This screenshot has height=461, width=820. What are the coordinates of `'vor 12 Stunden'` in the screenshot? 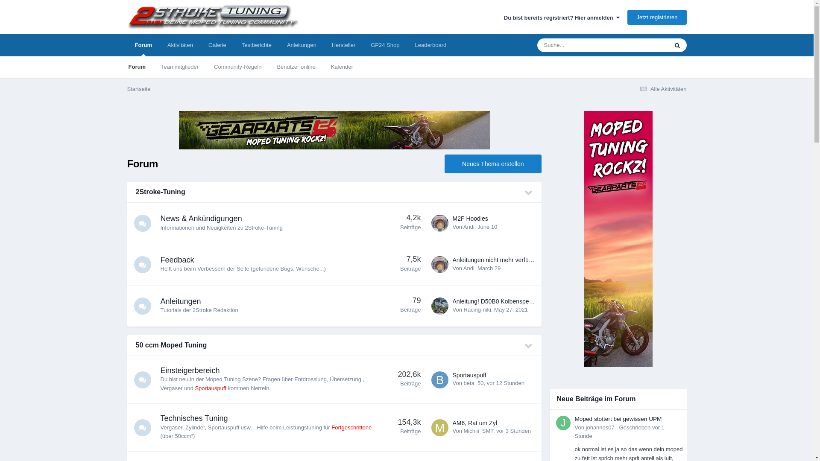 It's located at (506, 382).